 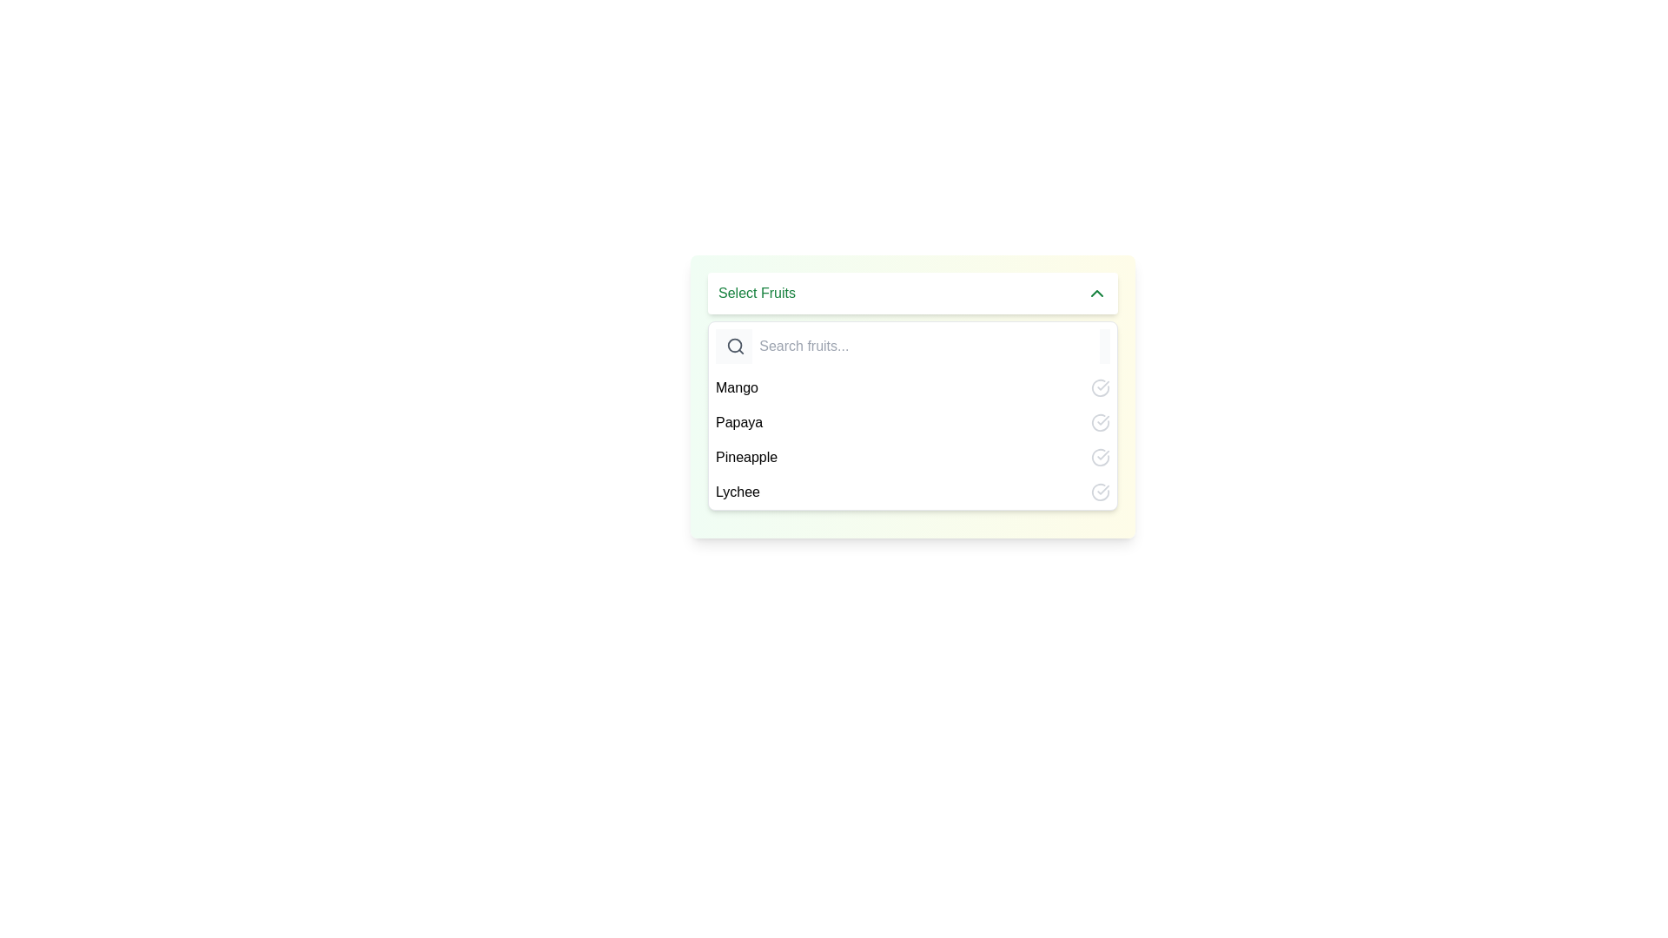 What do you see at coordinates (1100, 387) in the screenshot?
I see `the checkmark icon inside a circle located next to the item labeled 'Mango'` at bounding box center [1100, 387].